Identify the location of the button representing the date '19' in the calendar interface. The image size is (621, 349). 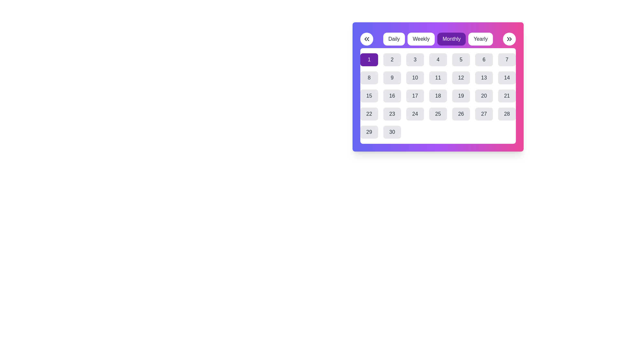
(461, 96).